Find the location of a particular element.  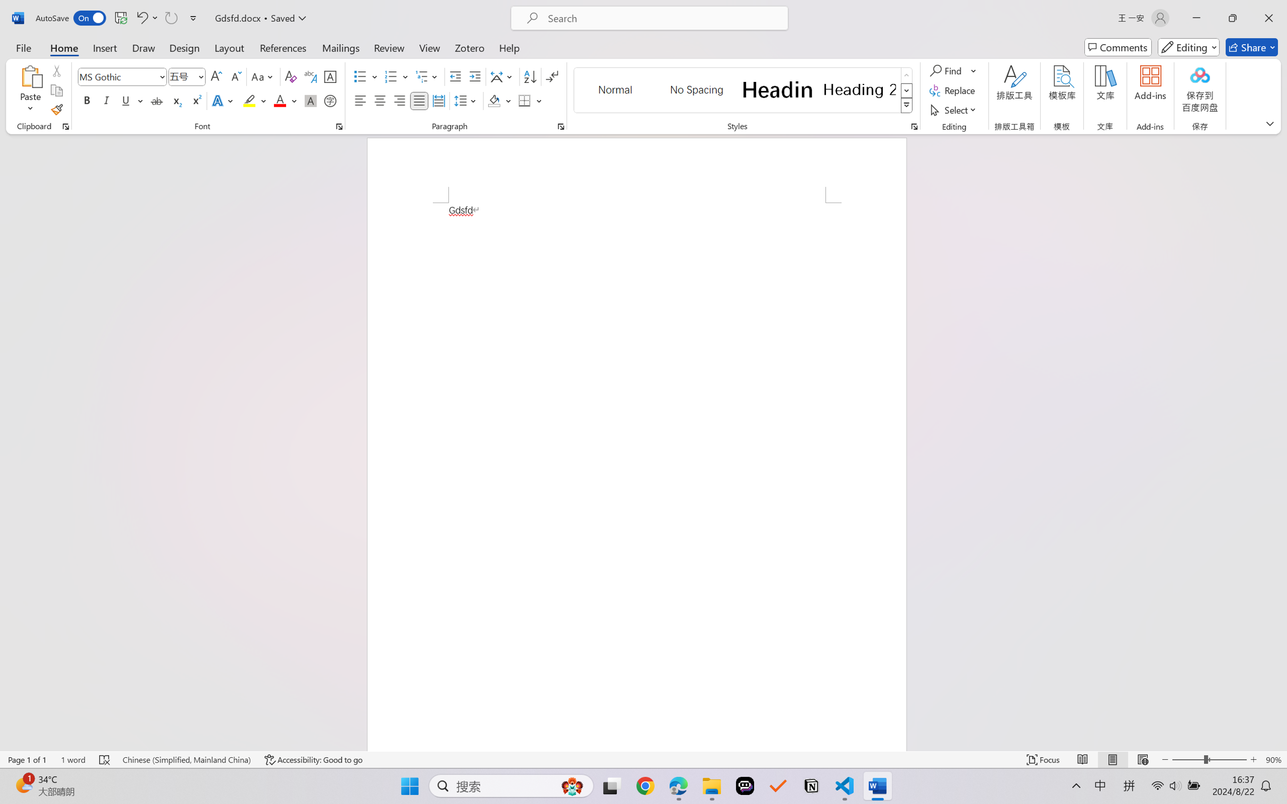

'Text Highlight Color Yellow' is located at coordinates (249, 100).